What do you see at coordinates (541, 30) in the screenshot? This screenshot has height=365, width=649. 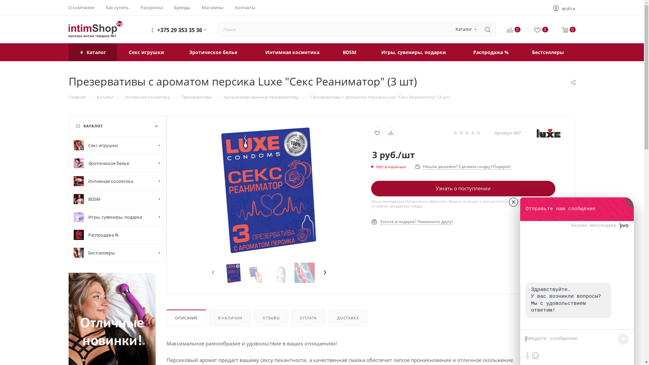 I see `'0'` at bounding box center [541, 30].